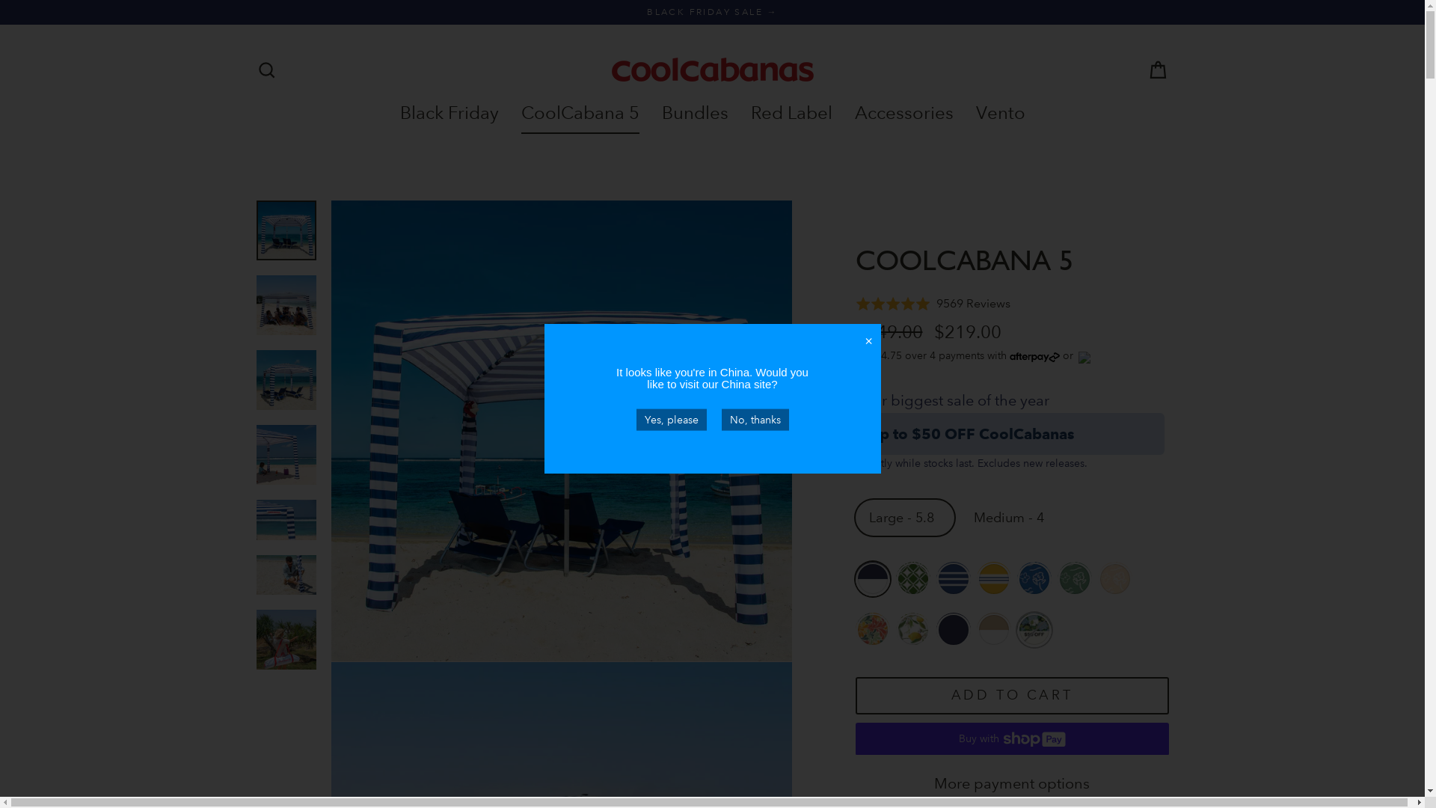  What do you see at coordinates (266, 70) in the screenshot?
I see `'Search'` at bounding box center [266, 70].